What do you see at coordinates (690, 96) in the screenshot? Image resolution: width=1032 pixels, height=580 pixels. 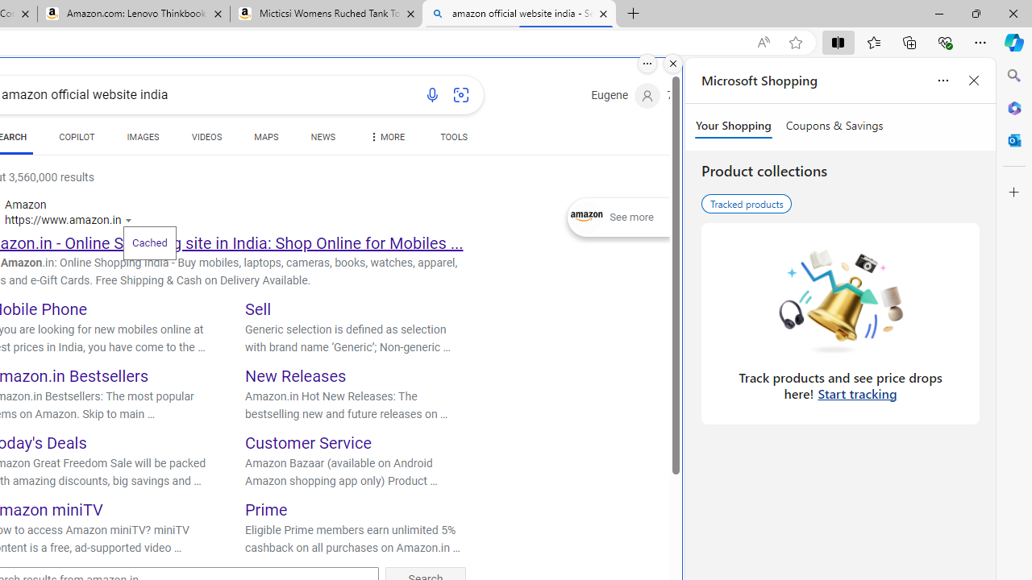 I see `'Microsoft Rewards 72'` at bounding box center [690, 96].